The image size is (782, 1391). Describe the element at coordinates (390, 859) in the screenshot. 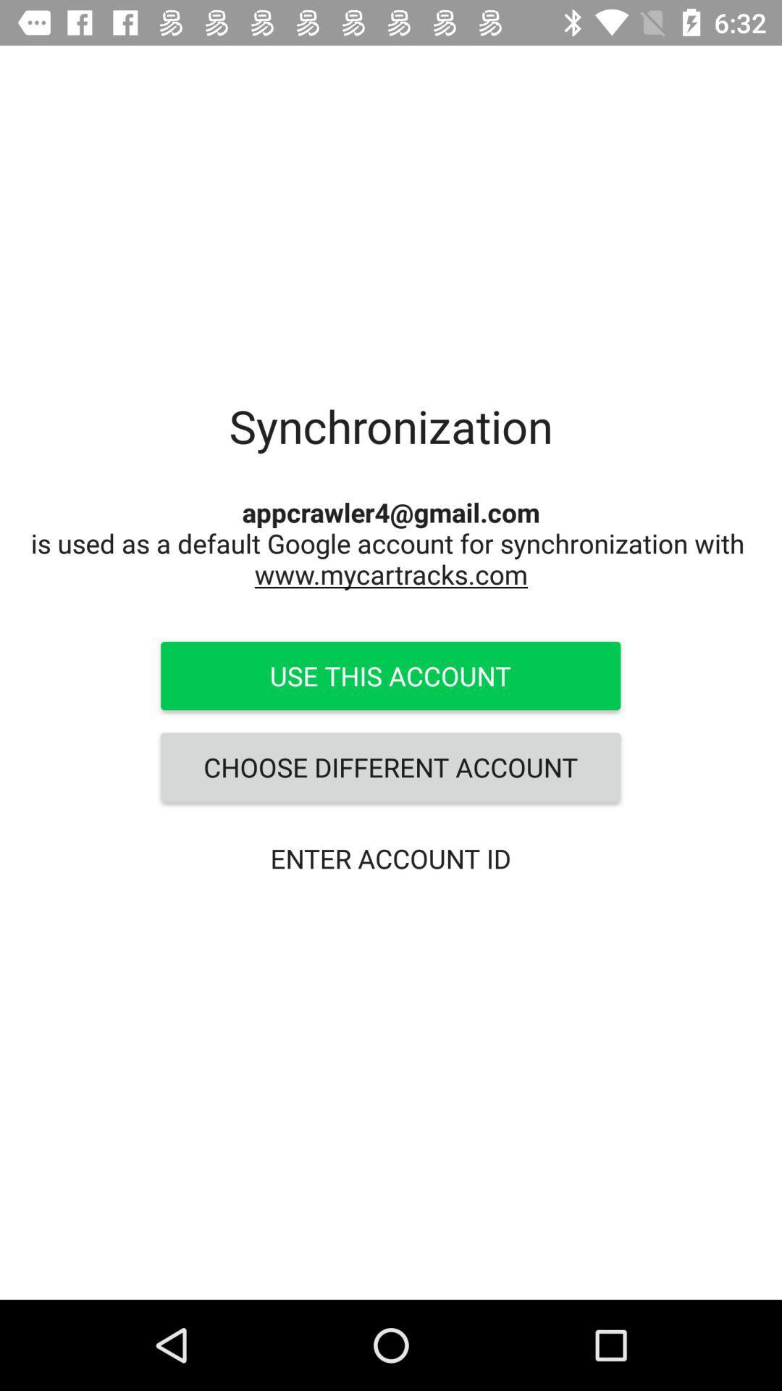

I see `the enter account id` at that location.